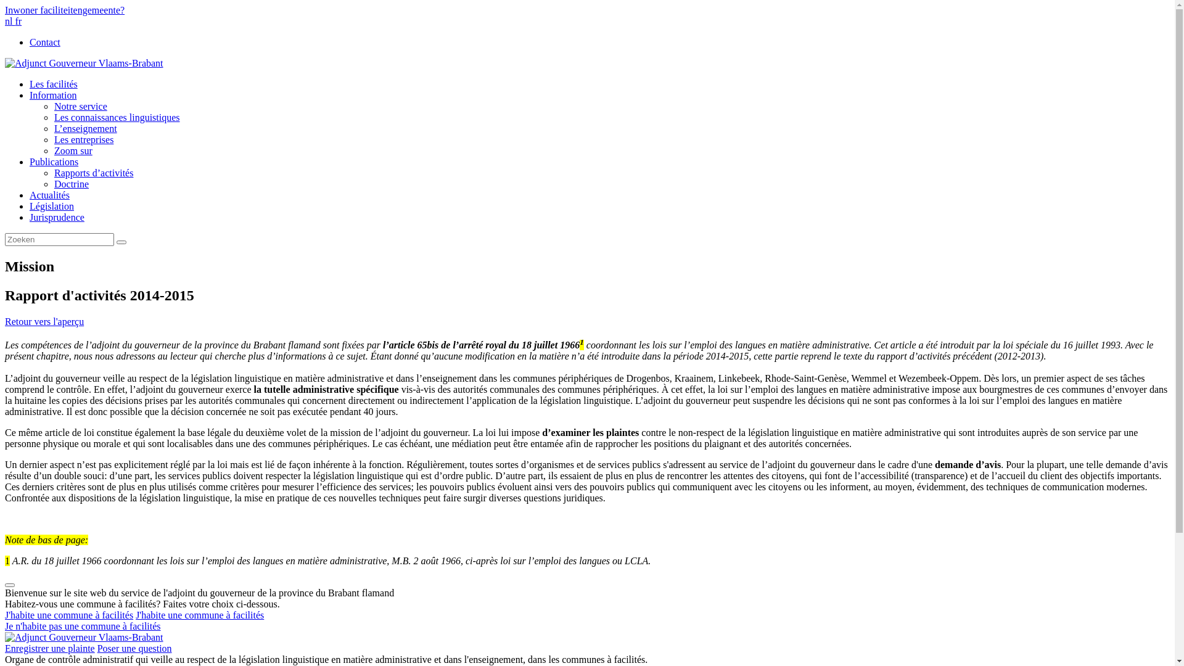 The height and width of the screenshot is (666, 1184). What do you see at coordinates (80, 105) in the screenshot?
I see `'Notre service'` at bounding box center [80, 105].